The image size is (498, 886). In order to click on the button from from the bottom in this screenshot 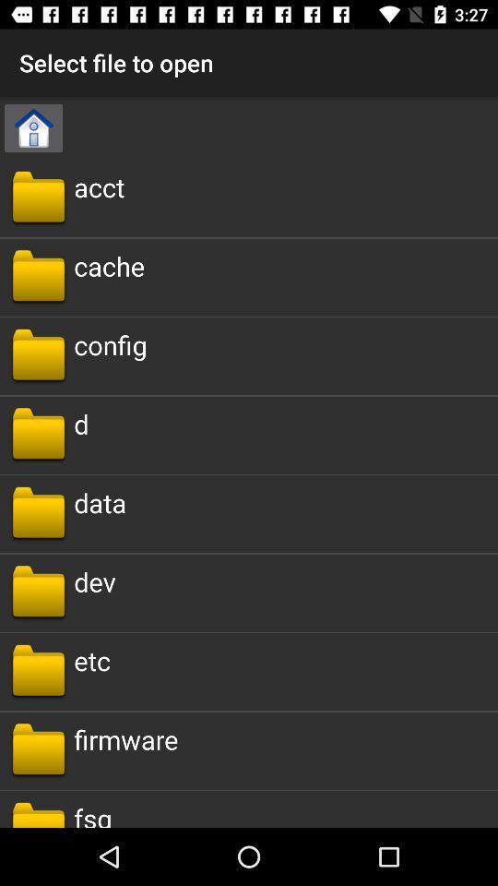, I will do `click(39, 813)`.